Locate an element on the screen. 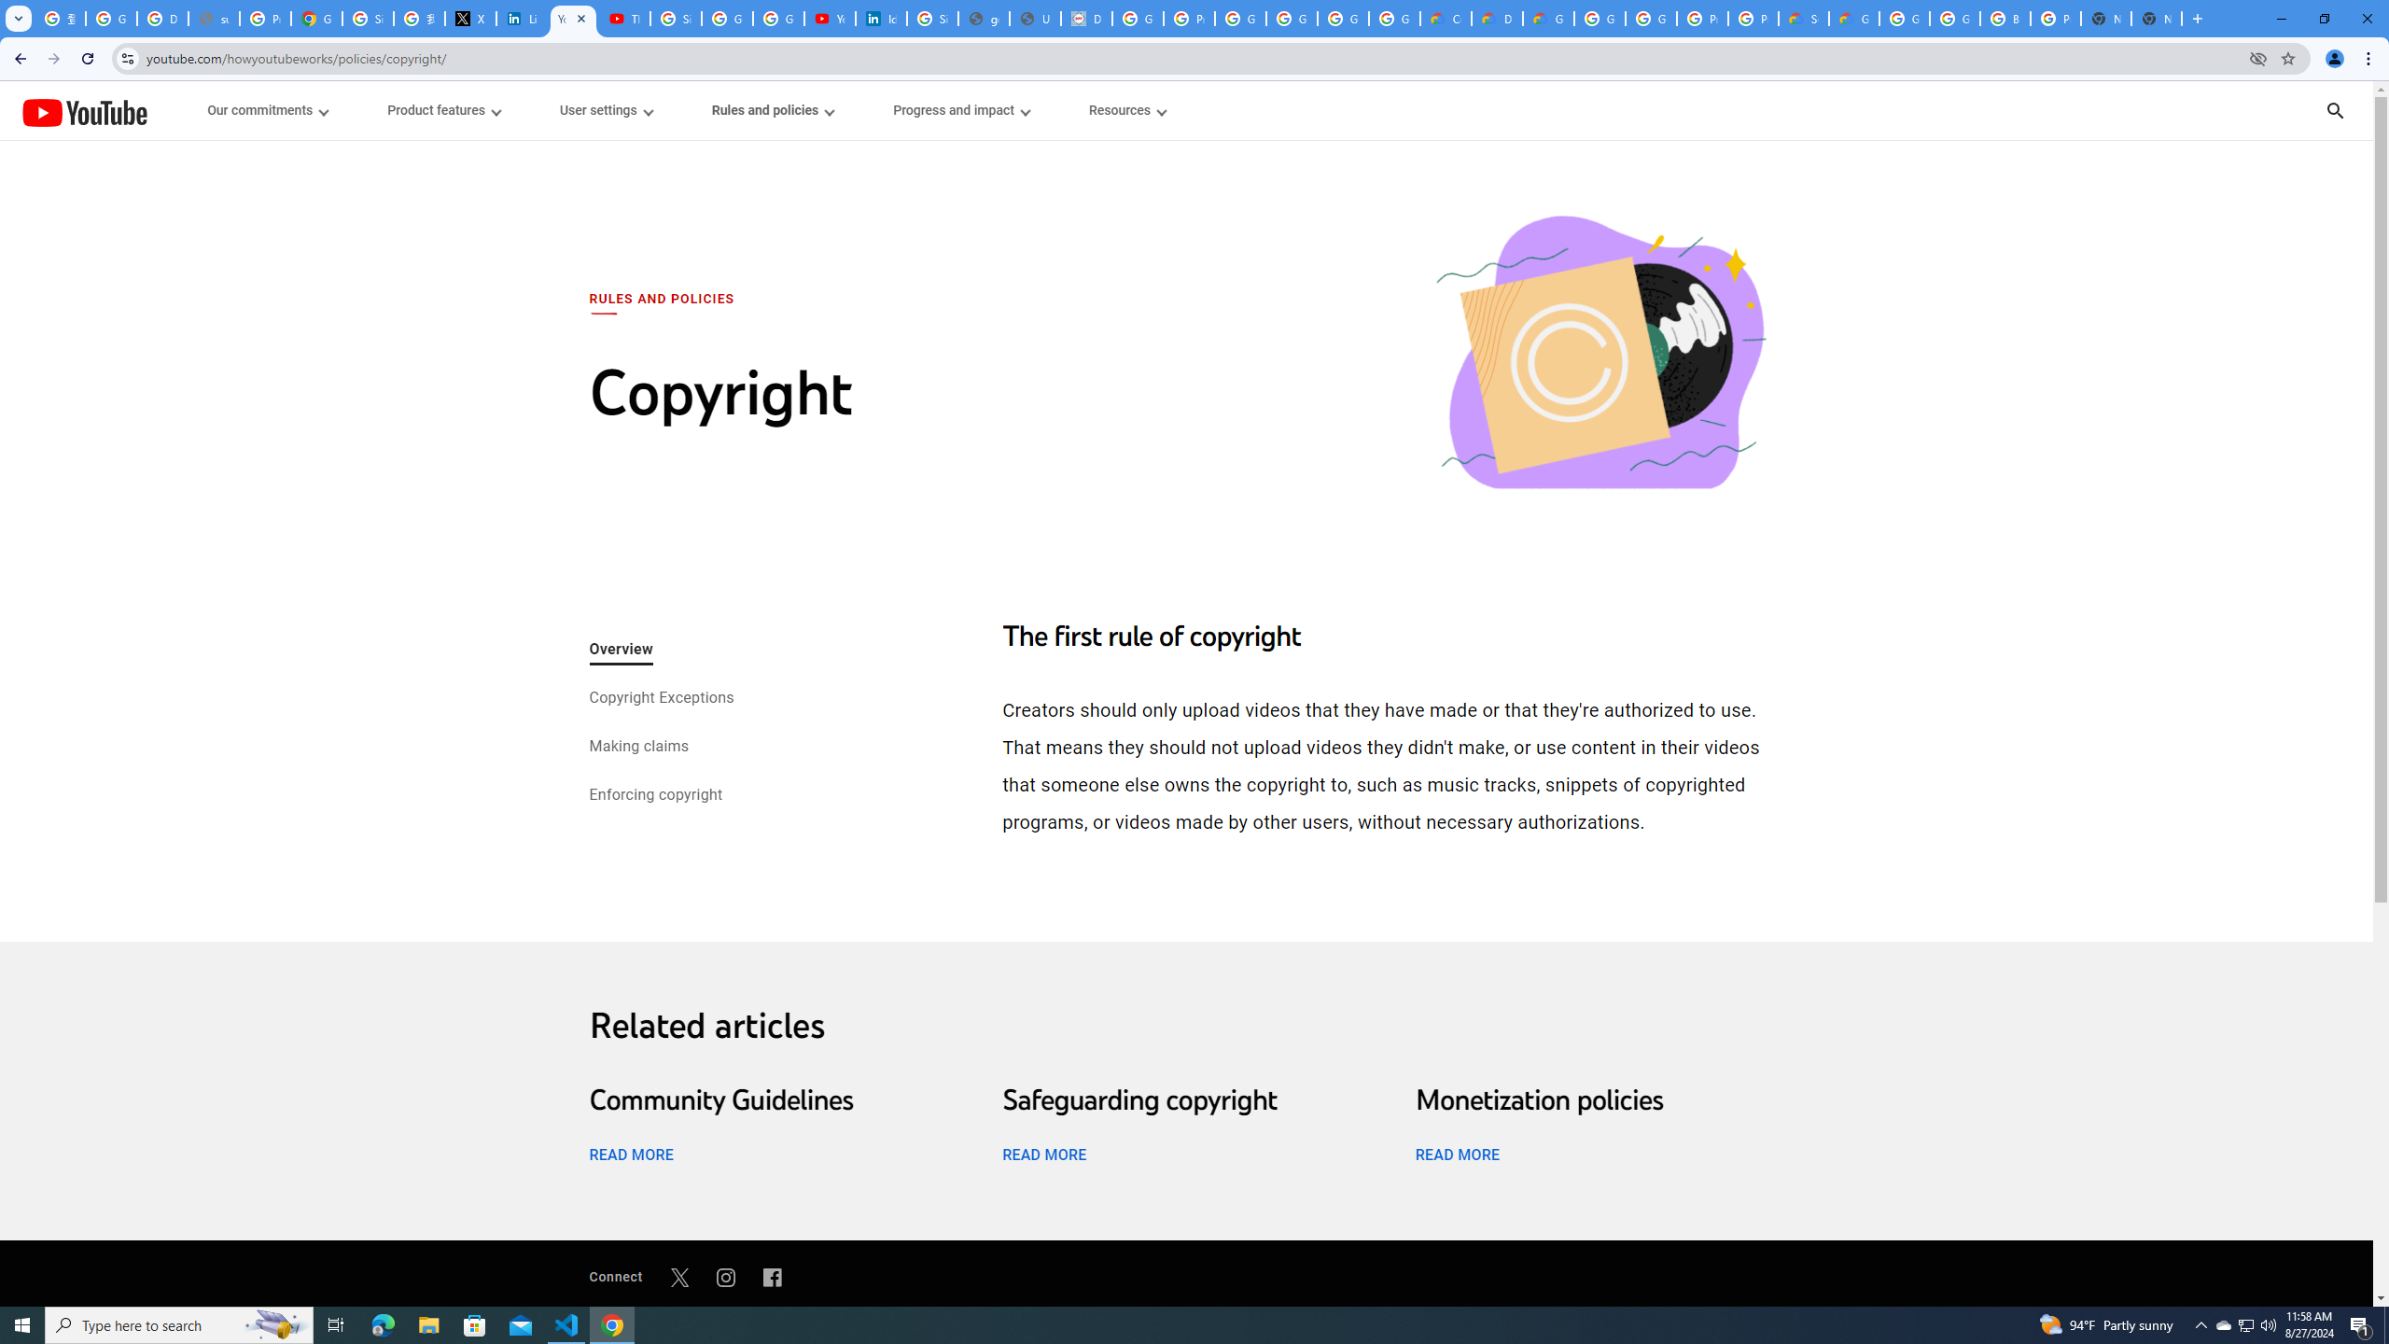 The image size is (2389, 1344). 'Customer Care | Google Cloud' is located at coordinates (1446, 18).